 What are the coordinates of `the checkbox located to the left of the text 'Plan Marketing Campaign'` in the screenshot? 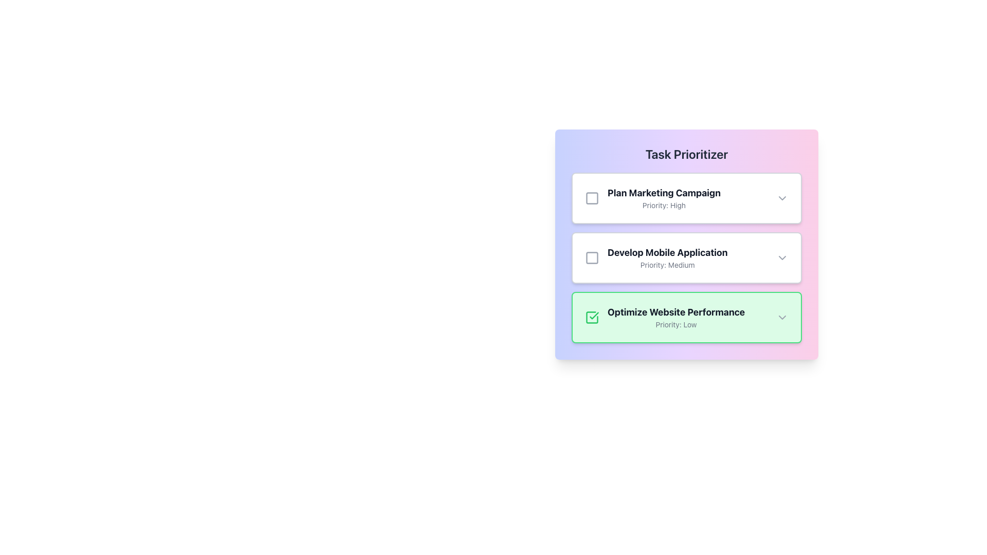 It's located at (592, 198).